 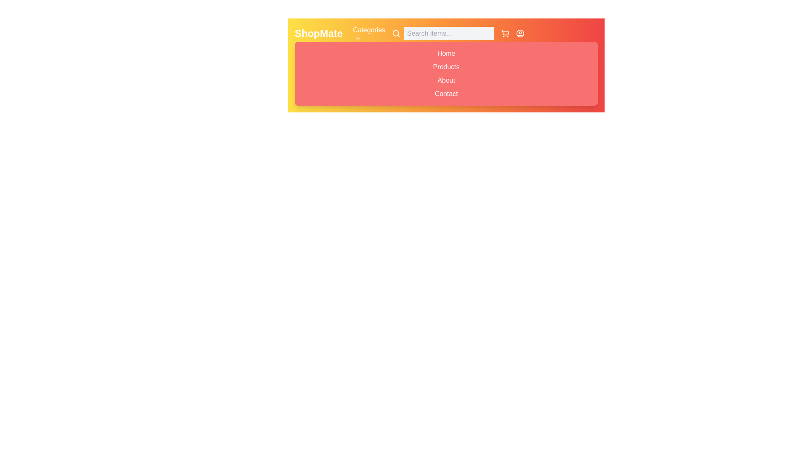 I want to click on the small, downward-pointing arrow icon located next to the 'Categories' text in the navigation bar, which is styled with a minimalist design and is likely associated with dropdown functionality, so click(x=358, y=39).